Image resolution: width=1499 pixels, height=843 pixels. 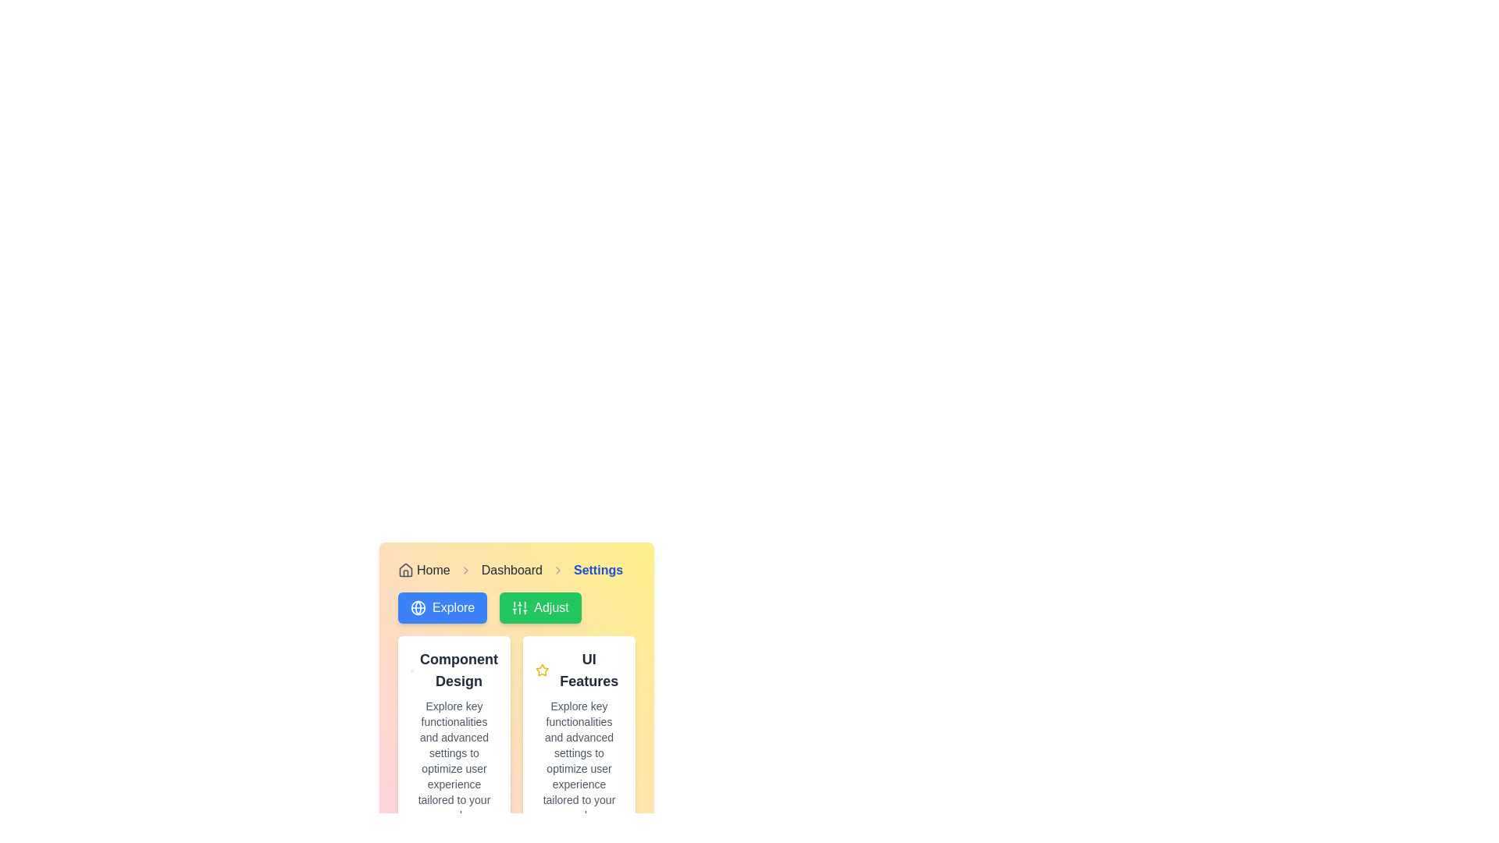 I want to click on the first button on the left side of the green 'Adjust' button, so click(x=442, y=607).